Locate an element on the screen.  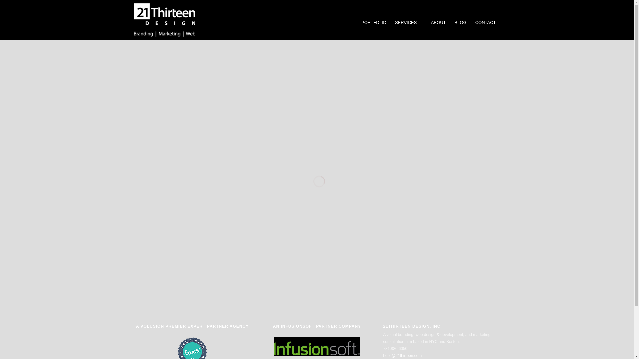
'SERVICES' is located at coordinates (408, 22).